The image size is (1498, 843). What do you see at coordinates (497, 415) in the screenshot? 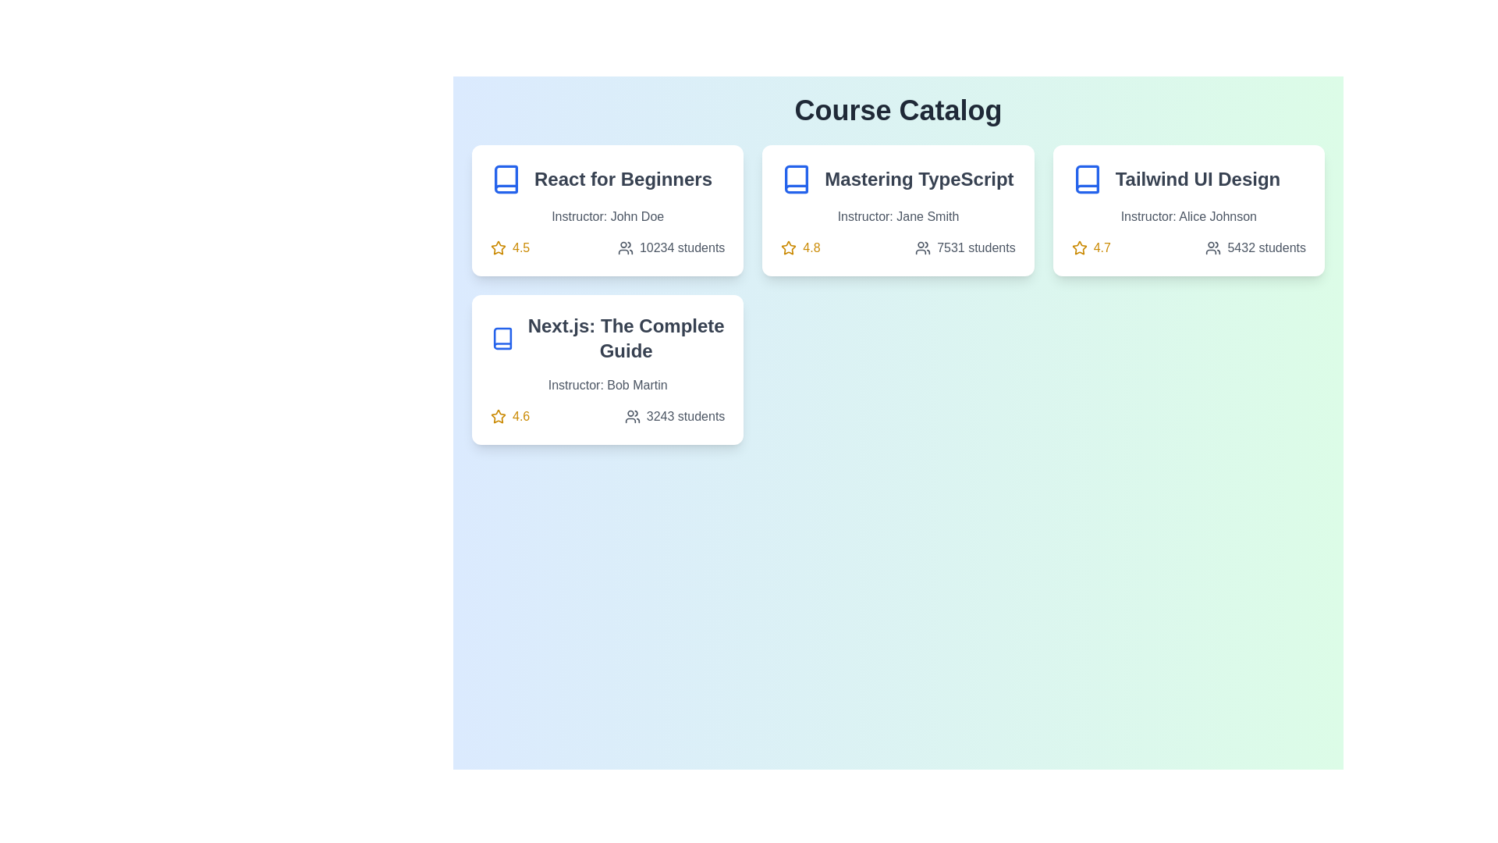
I see `the star icon` at bounding box center [497, 415].